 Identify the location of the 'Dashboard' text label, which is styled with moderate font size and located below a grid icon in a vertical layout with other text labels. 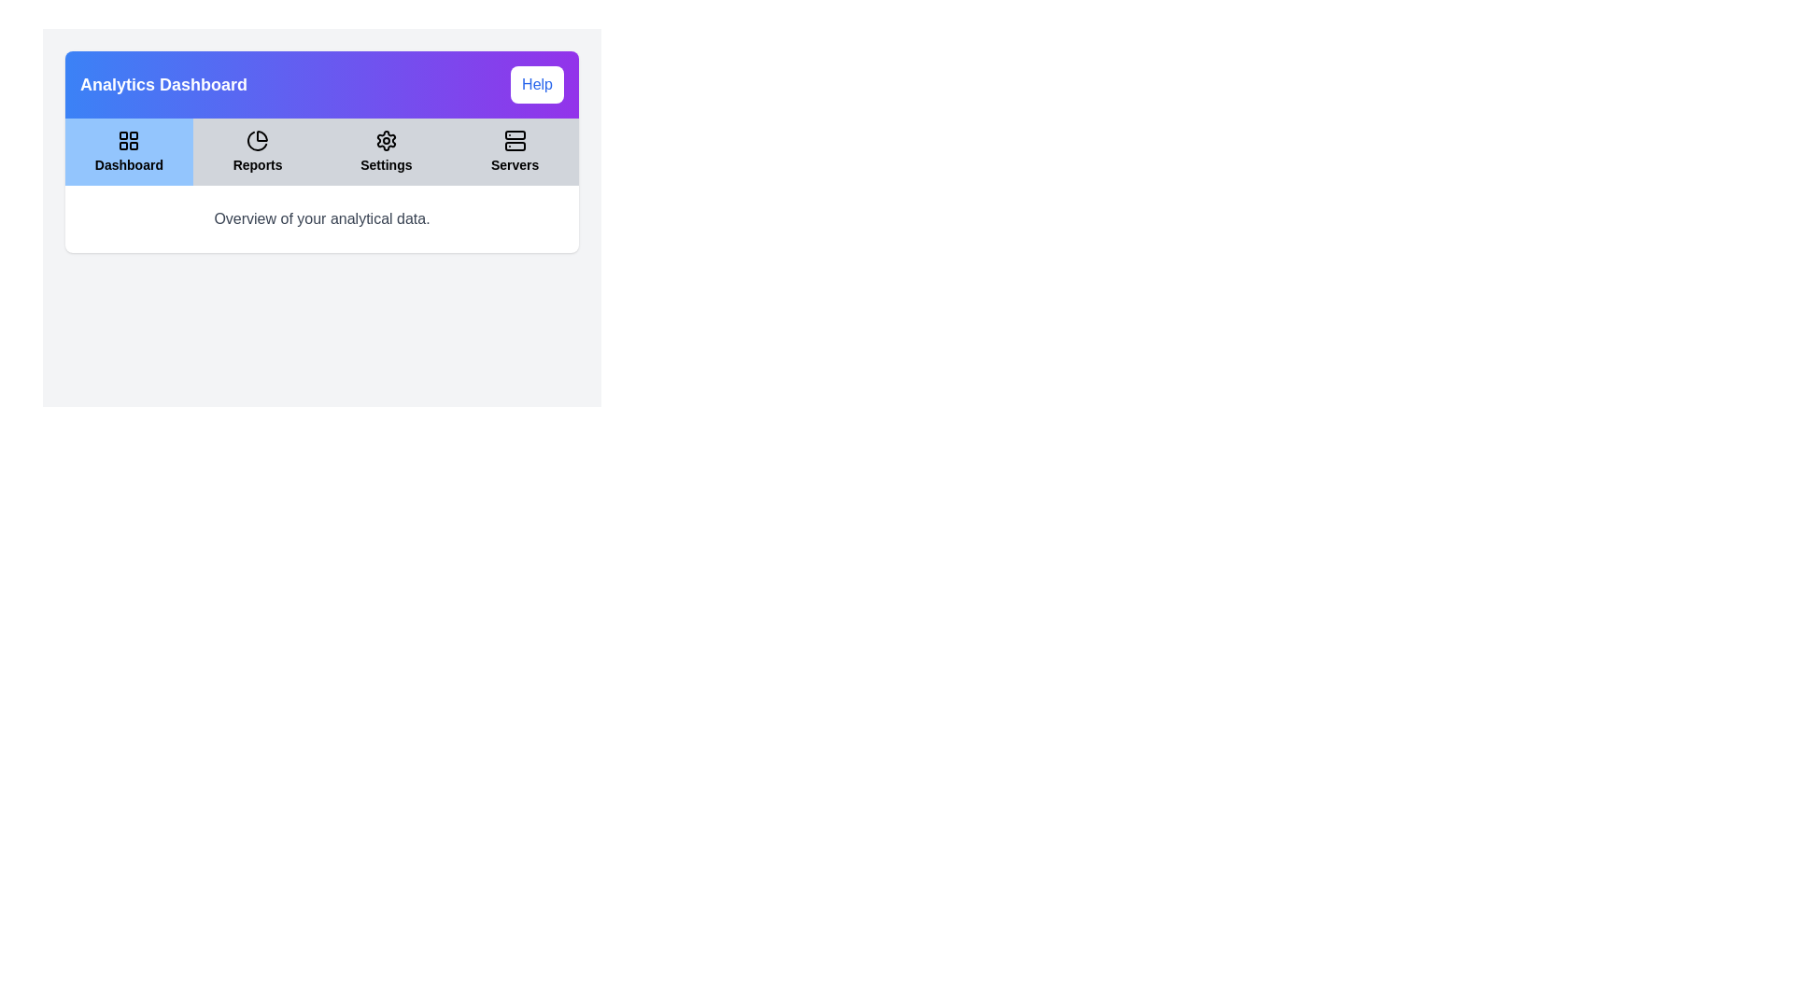
(128, 164).